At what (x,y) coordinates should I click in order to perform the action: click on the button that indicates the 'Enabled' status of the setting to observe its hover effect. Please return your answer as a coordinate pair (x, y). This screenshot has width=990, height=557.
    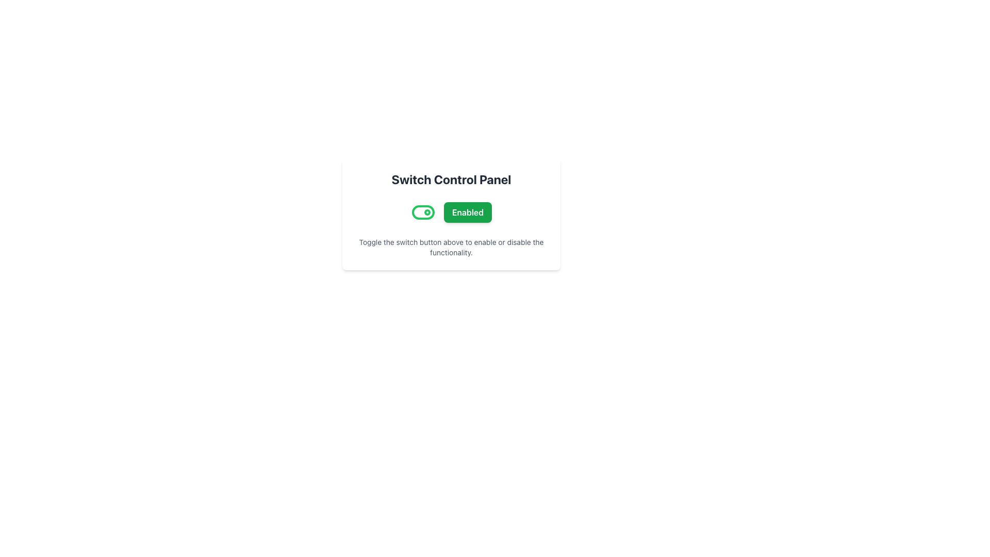
    Looking at the image, I should click on (467, 212).